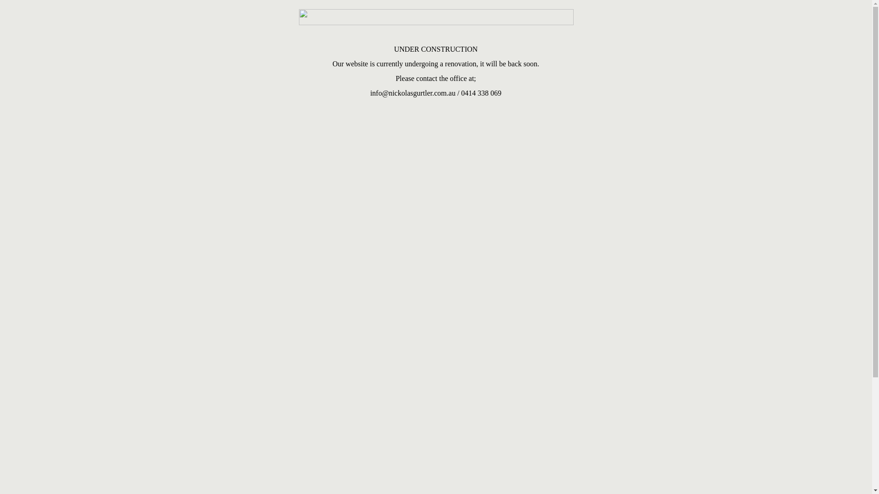  Describe the element at coordinates (412, 93) in the screenshot. I see `'info@nickolasgurtler.com.au'` at that location.